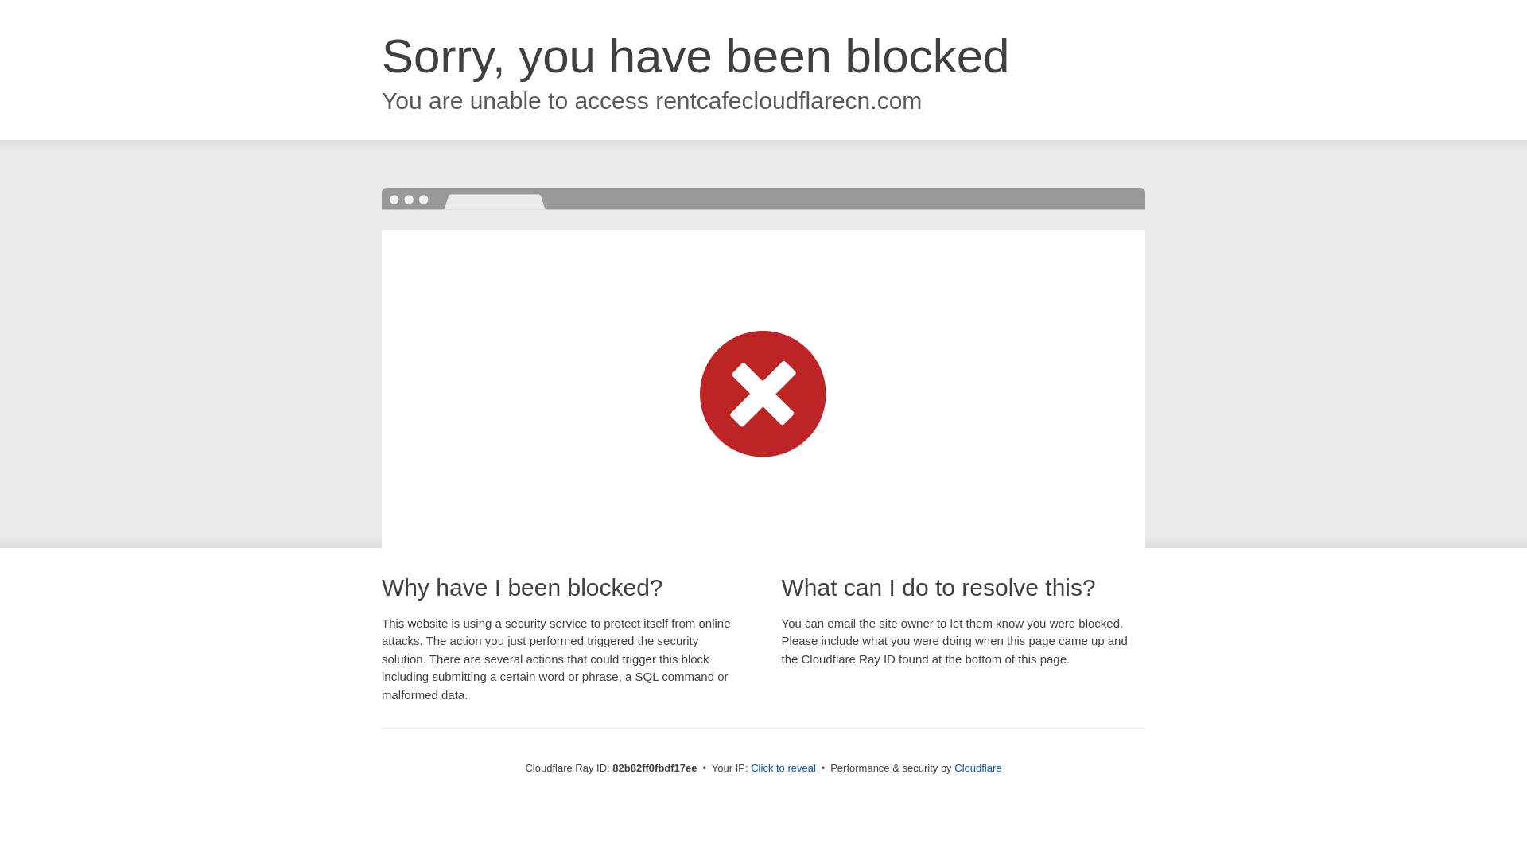 This screenshot has height=859, width=1527. What do you see at coordinates (783, 767) in the screenshot?
I see `'Click to reveal'` at bounding box center [783, 767].